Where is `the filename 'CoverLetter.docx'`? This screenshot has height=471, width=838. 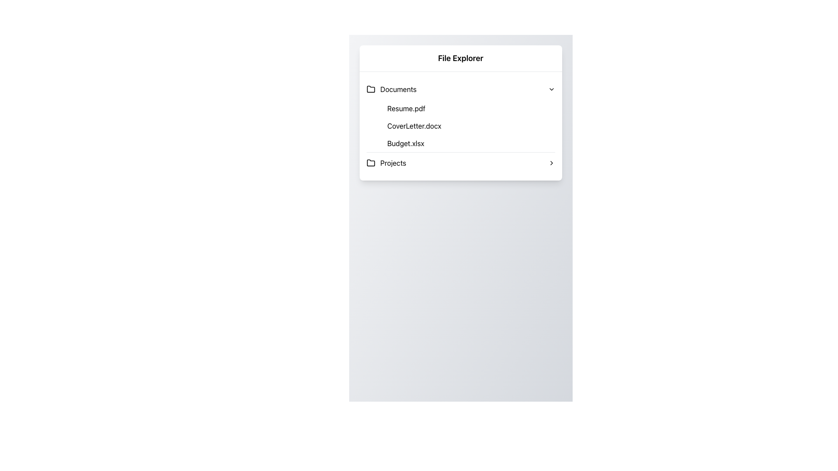 the filename 'CoverLetter.docx' is located at coordinates (460, 126).